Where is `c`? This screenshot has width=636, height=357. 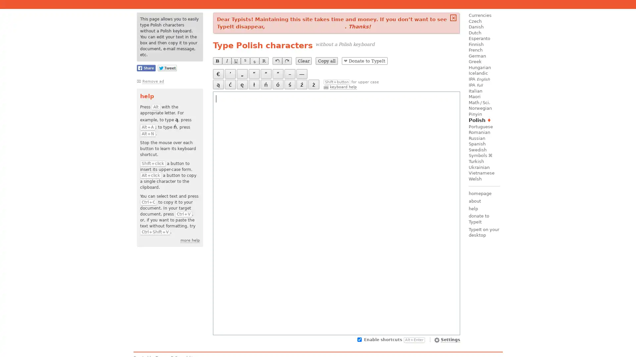 c is located at coordinates (230, 84).